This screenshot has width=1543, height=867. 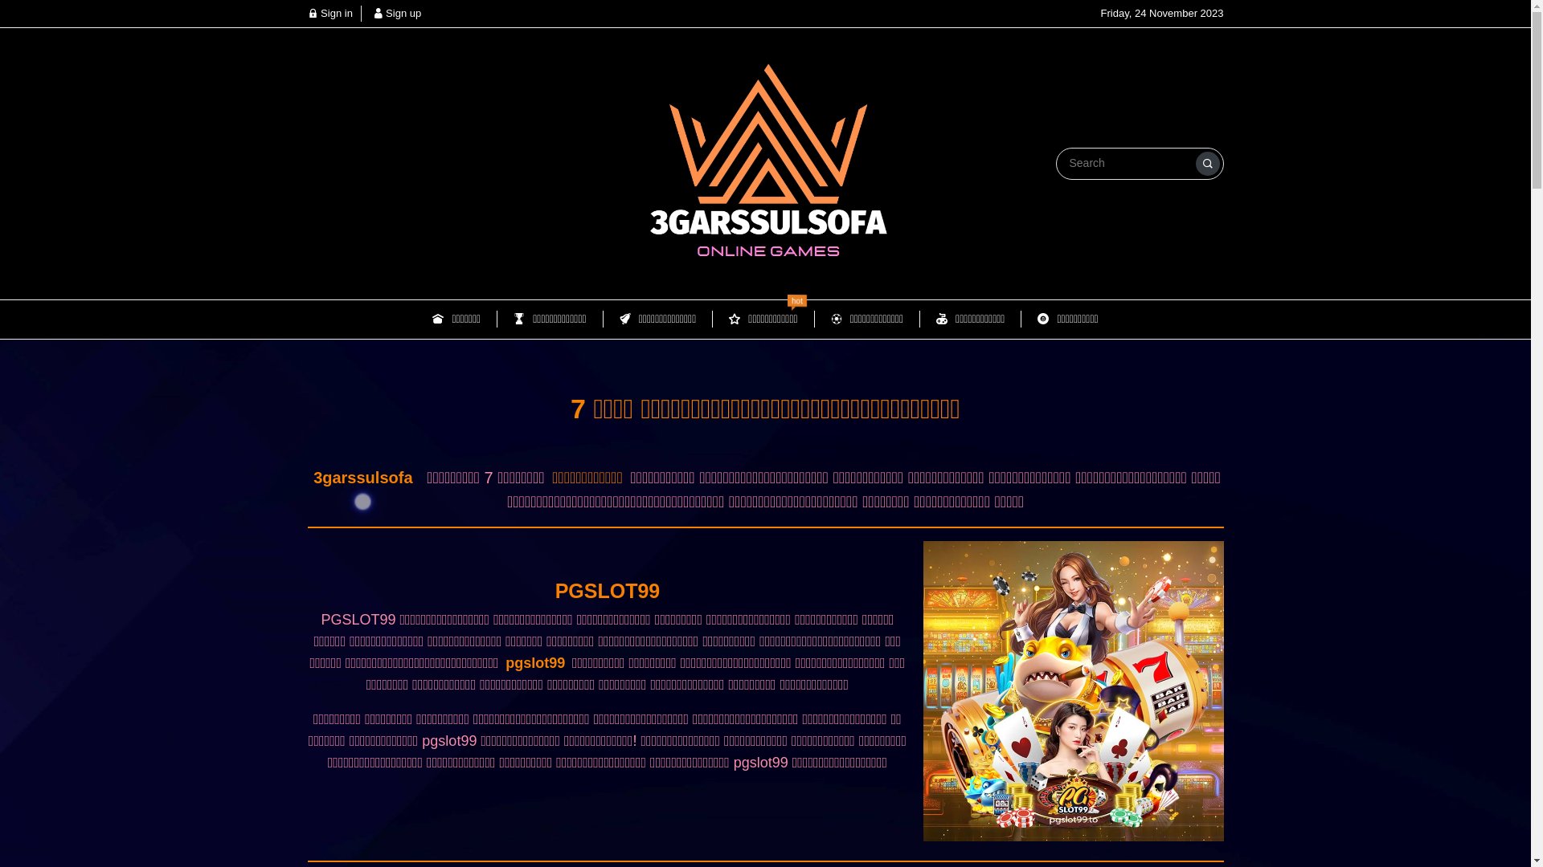 What do you see at coordinates (501, 662) in the screenshot?
I see `'pgslot99'` at bounding box center [501, 662].